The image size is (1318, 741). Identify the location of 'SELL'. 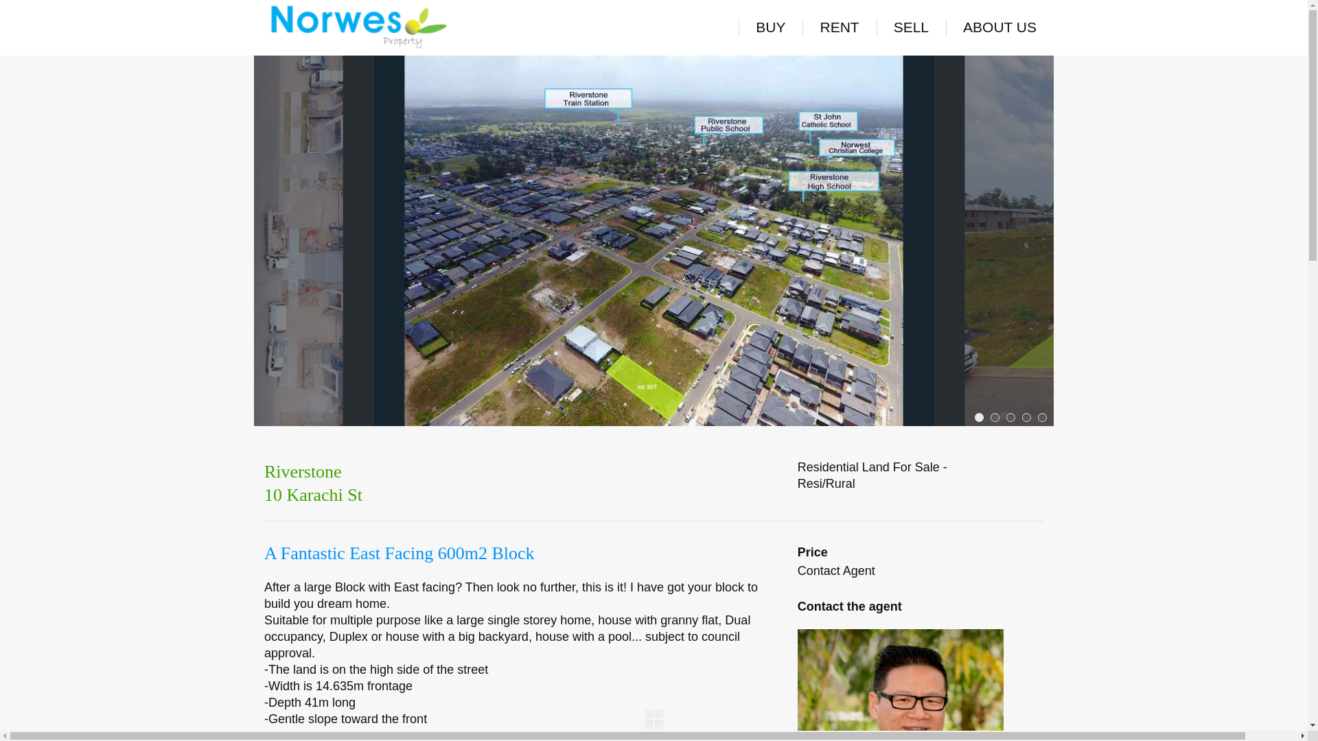
(911, 27).